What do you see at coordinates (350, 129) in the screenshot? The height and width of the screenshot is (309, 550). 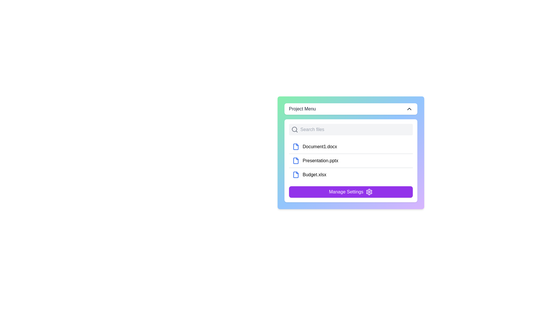 I see `the search field located at the top of the card-like interface, which is used for filtering items in the list below it` at bounding box center [350, 129].